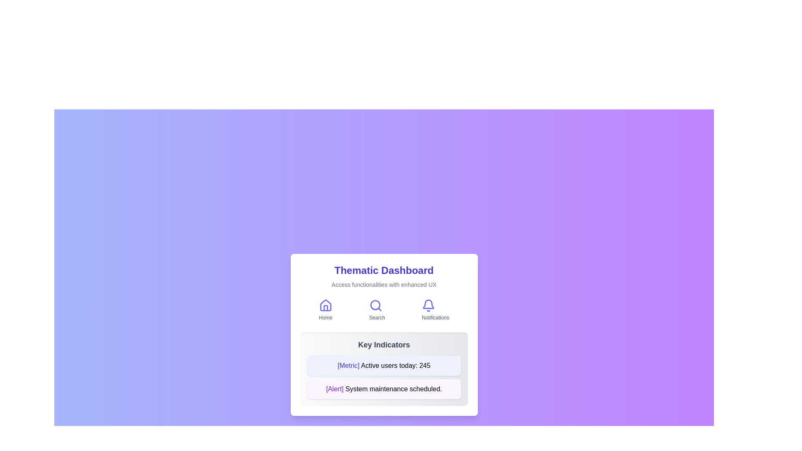 The height and width of the screenshot is (451, 802). What do you see at coordinates (383, 365) in the screenshot?
I see `the first notification box in the 'Key Indicators' section, which has a light indigo background and contains the label '[Metric]' and the text 'Active users today: 245'` at bounding box center [383, 365].